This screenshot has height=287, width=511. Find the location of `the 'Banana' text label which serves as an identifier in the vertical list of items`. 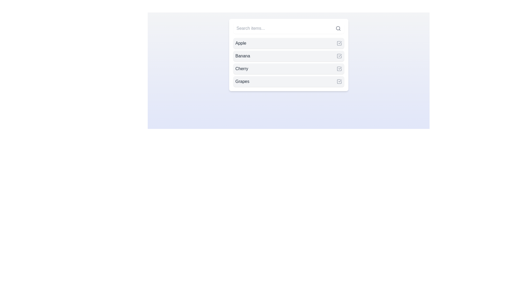

the 'Banana' text label which serves as an identifier in the vertical list of items is located at coordinates (242, 56).